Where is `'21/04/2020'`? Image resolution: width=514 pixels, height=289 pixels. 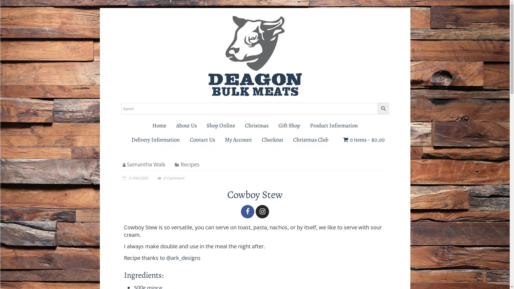 '21/04/2020' is located at coordinates (134, 178).